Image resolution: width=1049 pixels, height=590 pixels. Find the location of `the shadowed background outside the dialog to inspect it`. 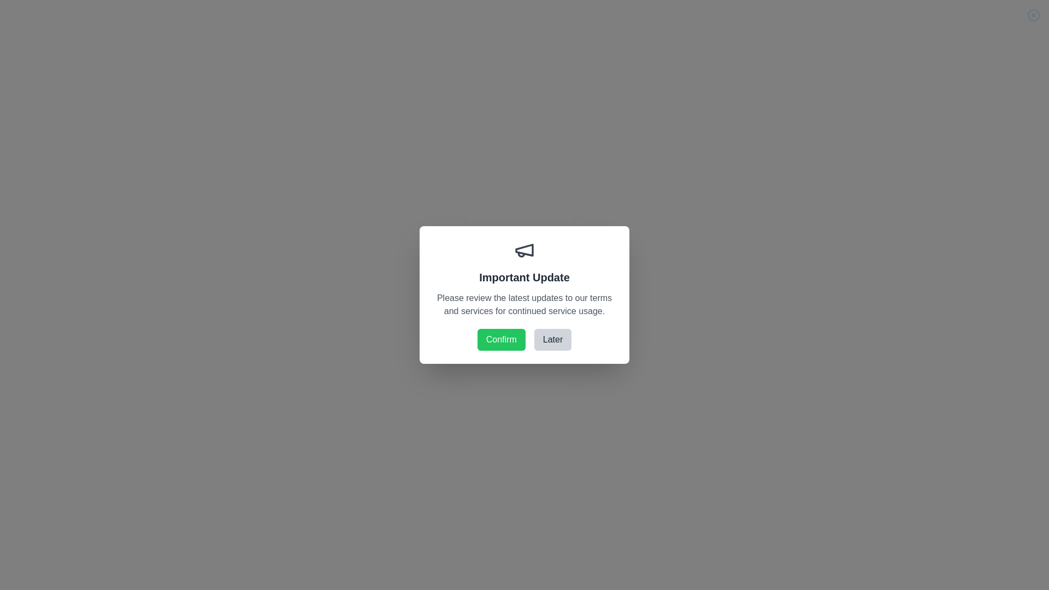

the shadowed background outside the dialog to inspect it is located at coordinates (524, 295).